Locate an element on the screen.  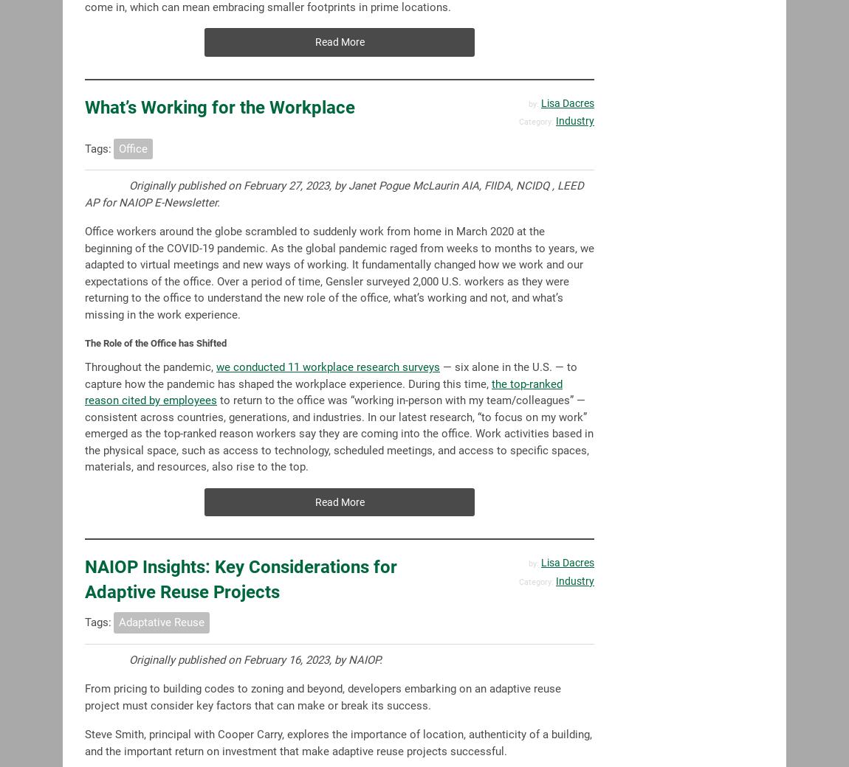
'NAIOP Insights: Key Considerations for Adaptive Reuse Projects' is located at coordinates (241, 579).